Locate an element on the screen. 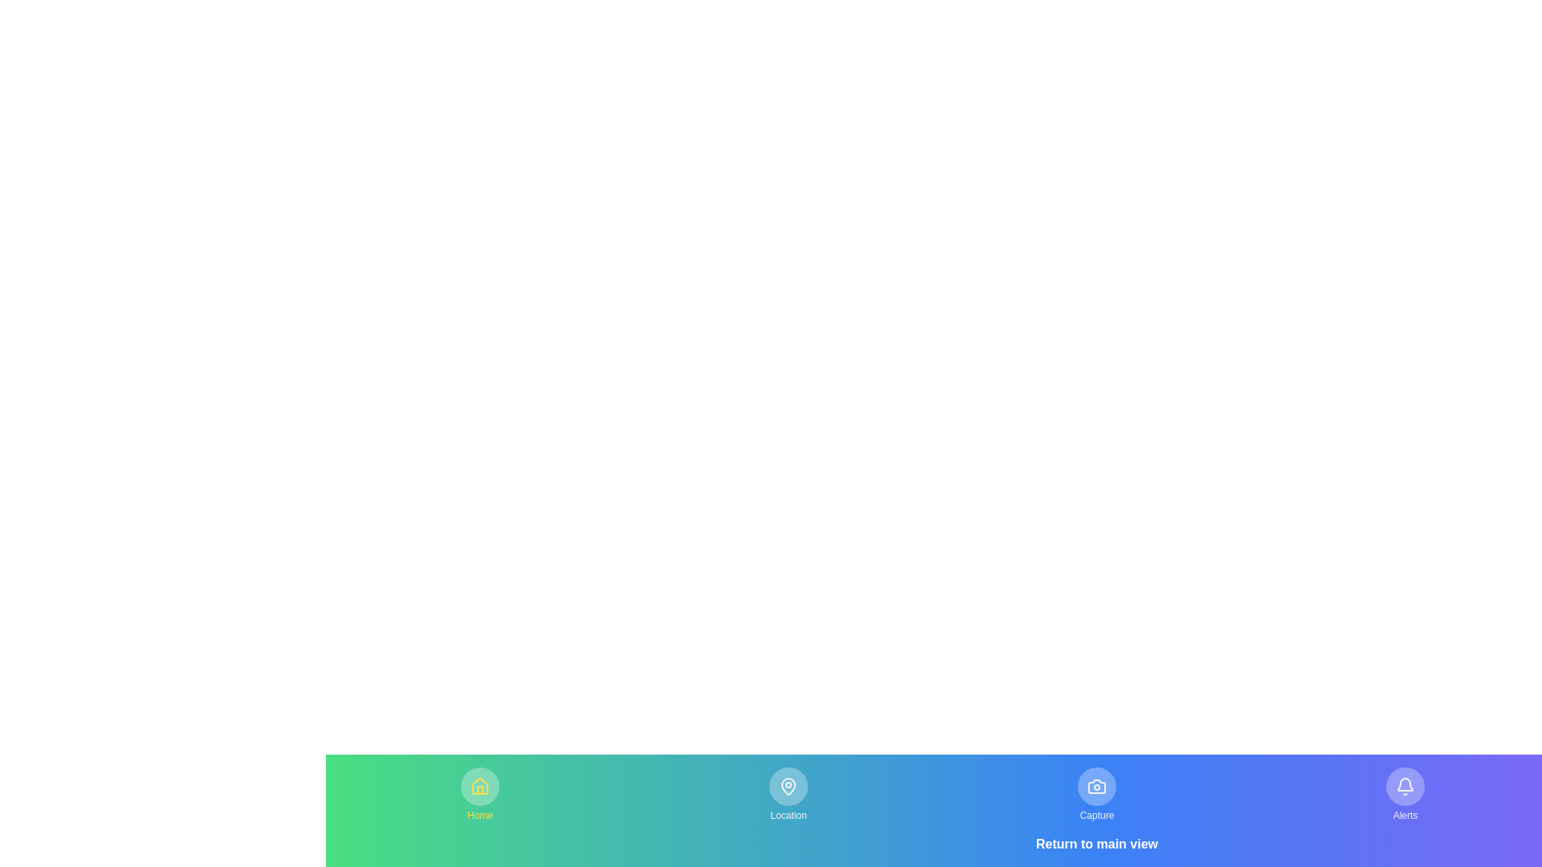 The image size is (1542, 867). the menu item labeled Alerts to trigger its hover effect is located at coordinates (1405, 795).